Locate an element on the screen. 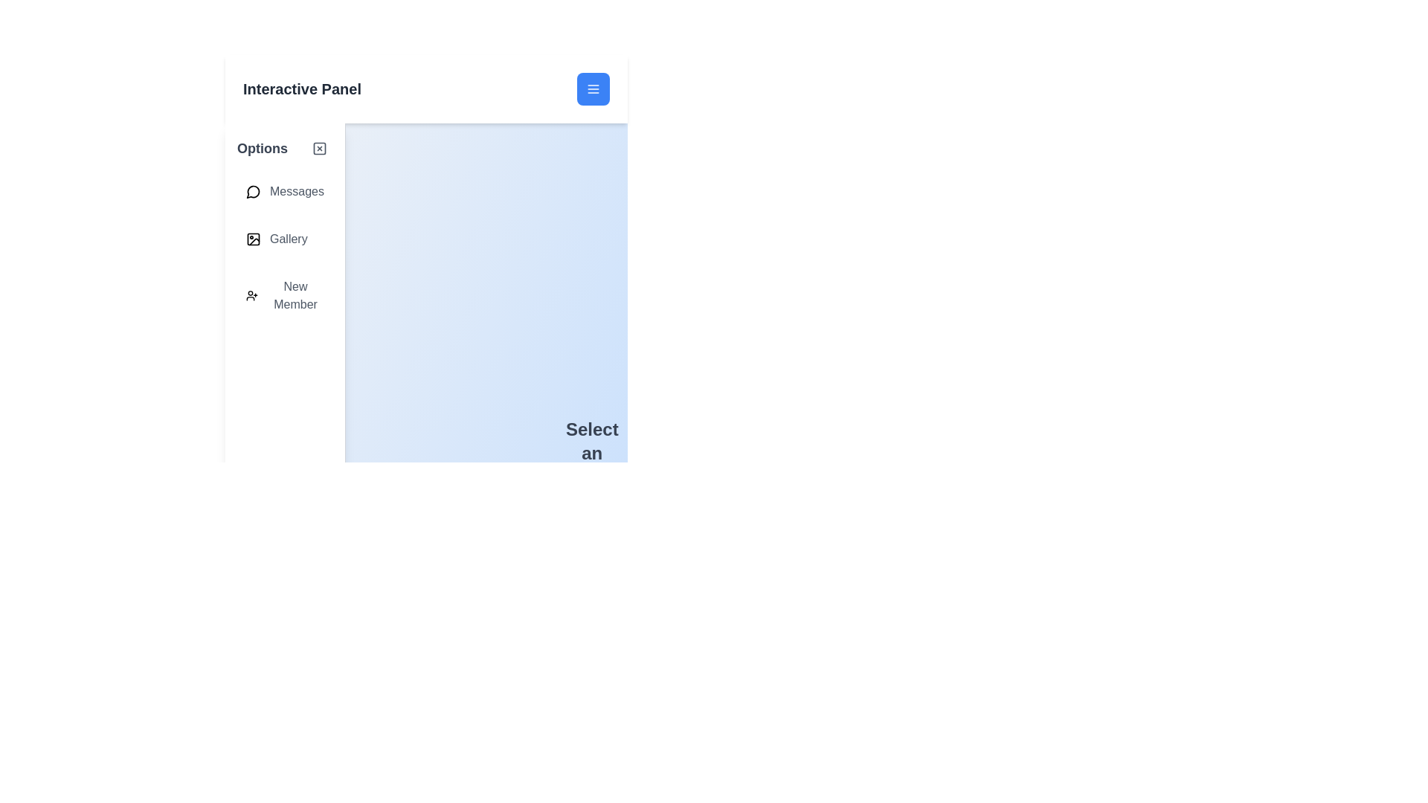  the button located in the top-right corner of the 'Interactive Panel' is located at coordinates (592, 88).